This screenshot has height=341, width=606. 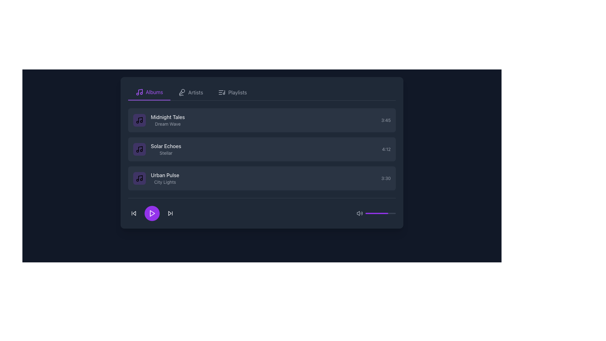 I want to click on the 'Playlists' button, which is the third button in the horizontal navigation group, so click(x=232, y=93).